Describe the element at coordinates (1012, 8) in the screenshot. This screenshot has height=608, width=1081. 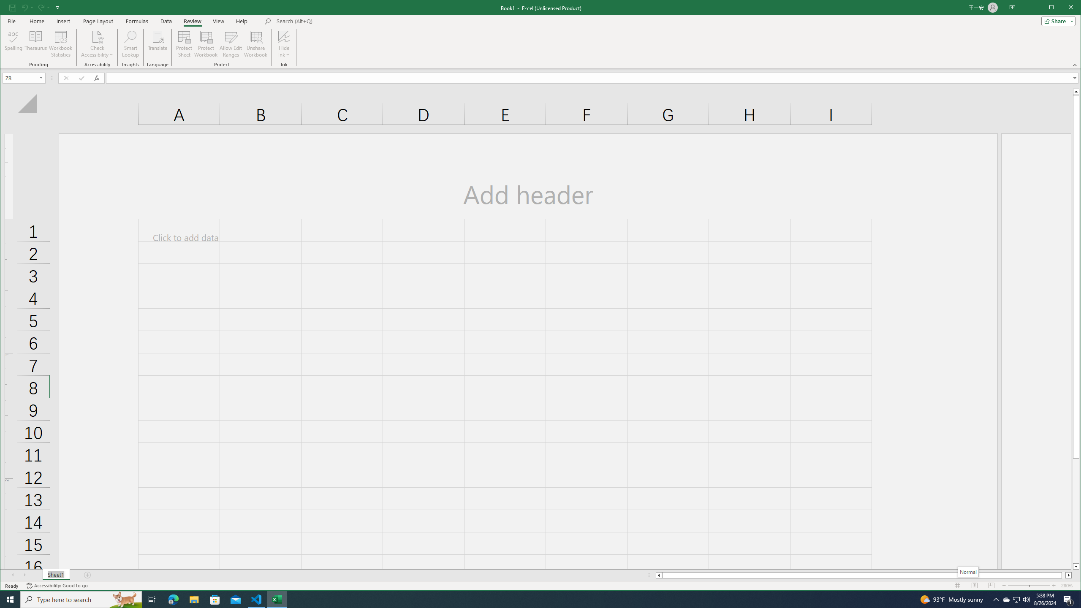
I see `'Ribbon Display Options'` at that location.